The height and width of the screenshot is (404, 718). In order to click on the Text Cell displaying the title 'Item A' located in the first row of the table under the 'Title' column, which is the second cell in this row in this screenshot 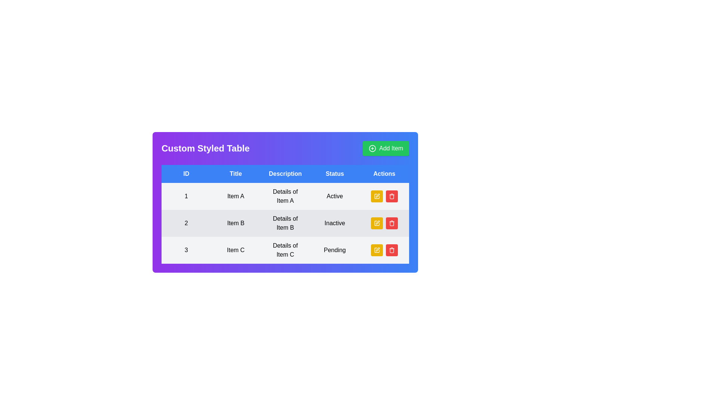, I will do `click(235, 196)`.